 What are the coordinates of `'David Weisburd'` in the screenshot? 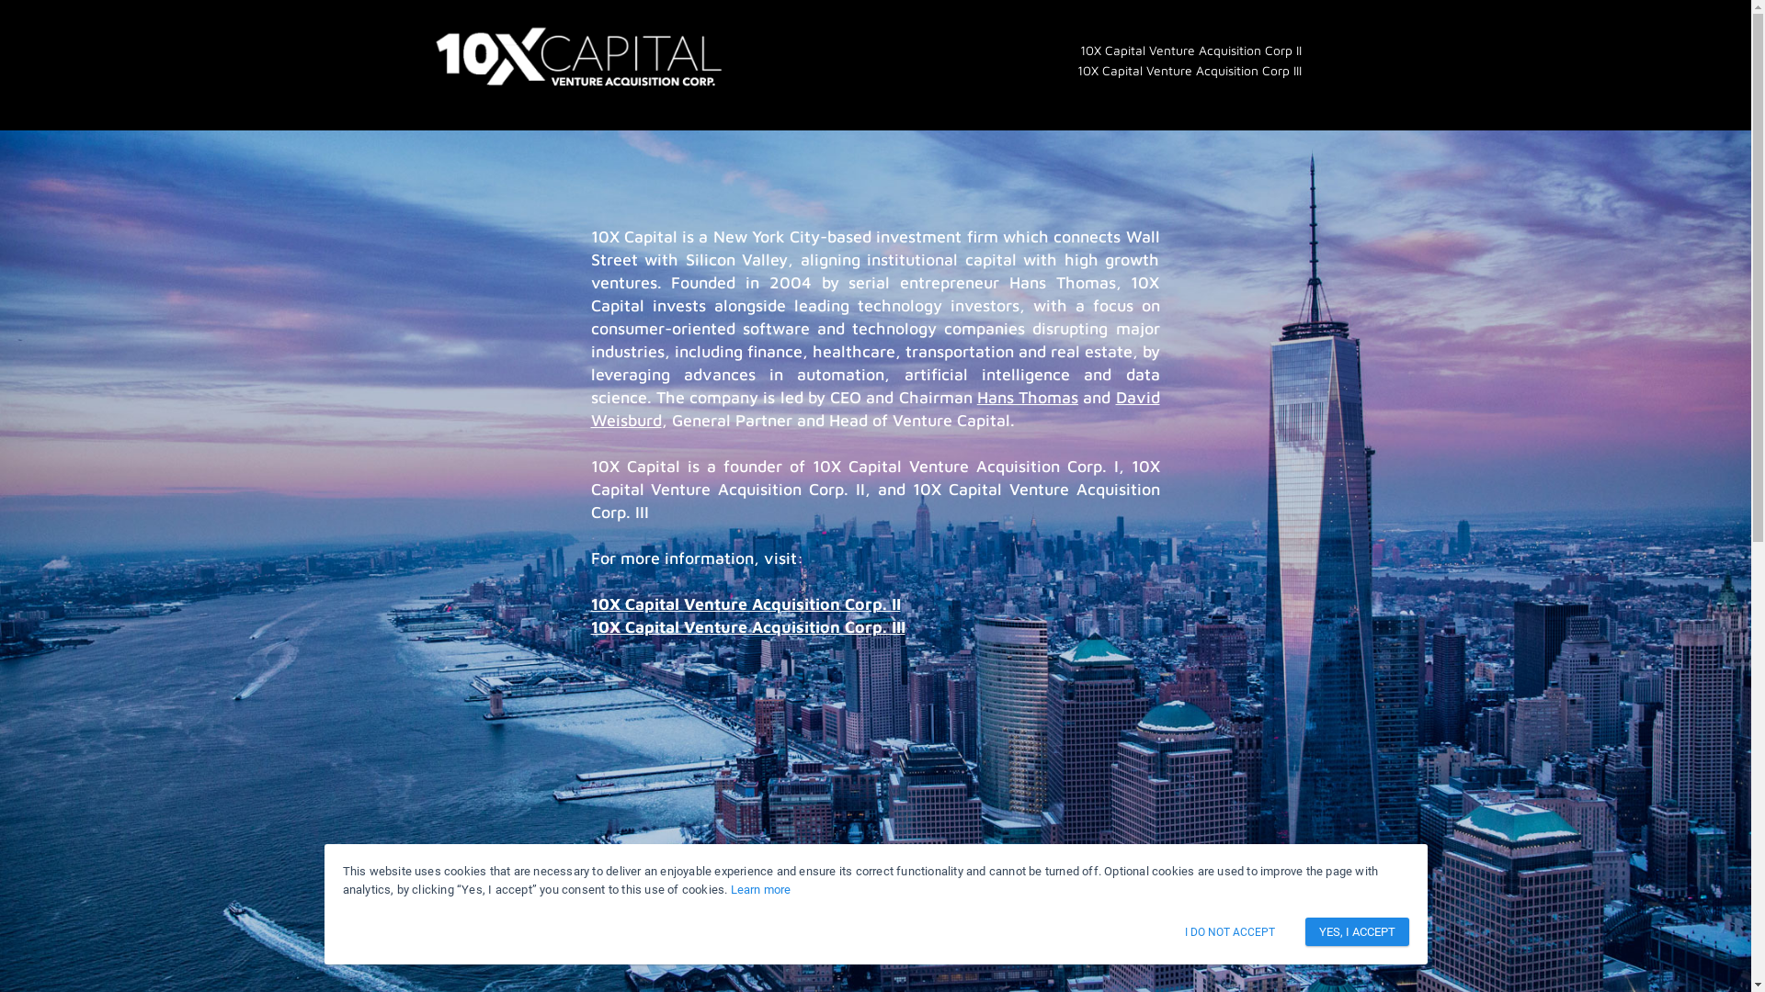 It's located at (873, 407).